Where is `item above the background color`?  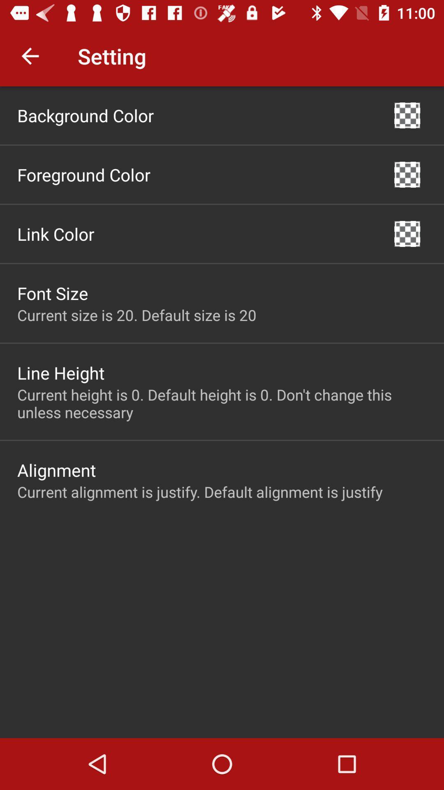 item above the background color is located at coordinates (30, 56).